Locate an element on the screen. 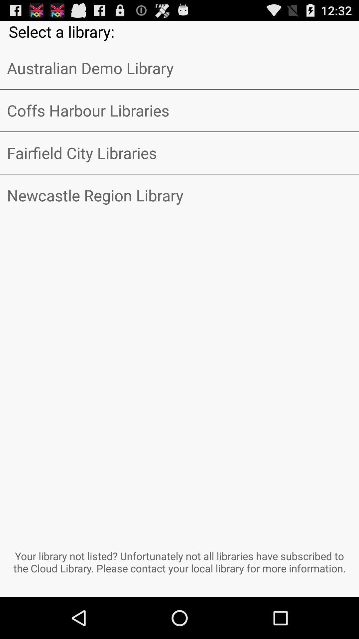  the icon below the fairfield city libraries icon is located at coordinates (179, 195).